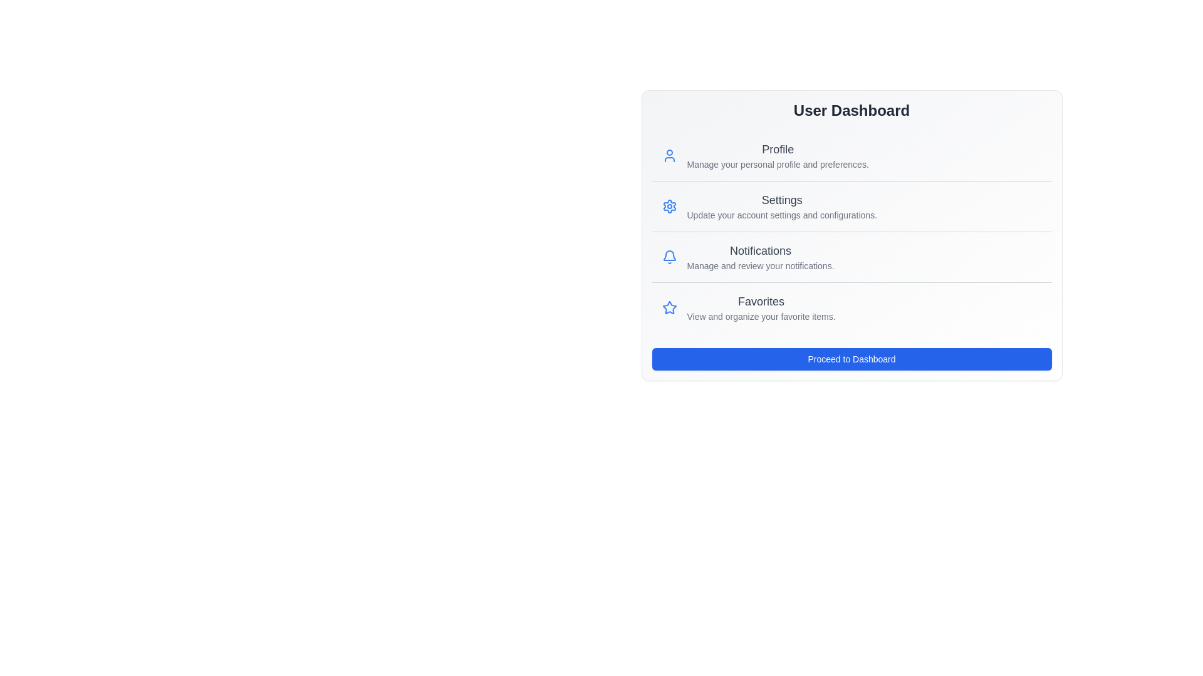  Describe the element at coordinates (760, 265) in the screenshot. I see `the descriptive Text Label located below the 'Notifications' header in the 'User Dashboard' section` at that location.